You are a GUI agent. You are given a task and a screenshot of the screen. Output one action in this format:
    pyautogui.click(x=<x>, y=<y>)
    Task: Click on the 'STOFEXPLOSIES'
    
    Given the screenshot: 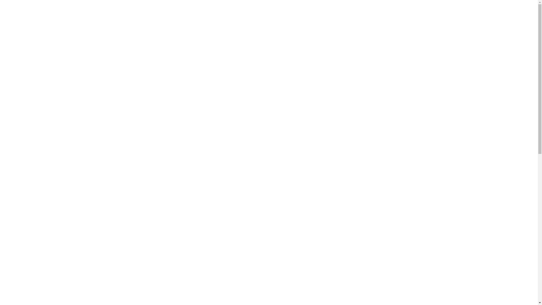 What is the action you would take?
    pyautogui.click(x=157, y=38)
    